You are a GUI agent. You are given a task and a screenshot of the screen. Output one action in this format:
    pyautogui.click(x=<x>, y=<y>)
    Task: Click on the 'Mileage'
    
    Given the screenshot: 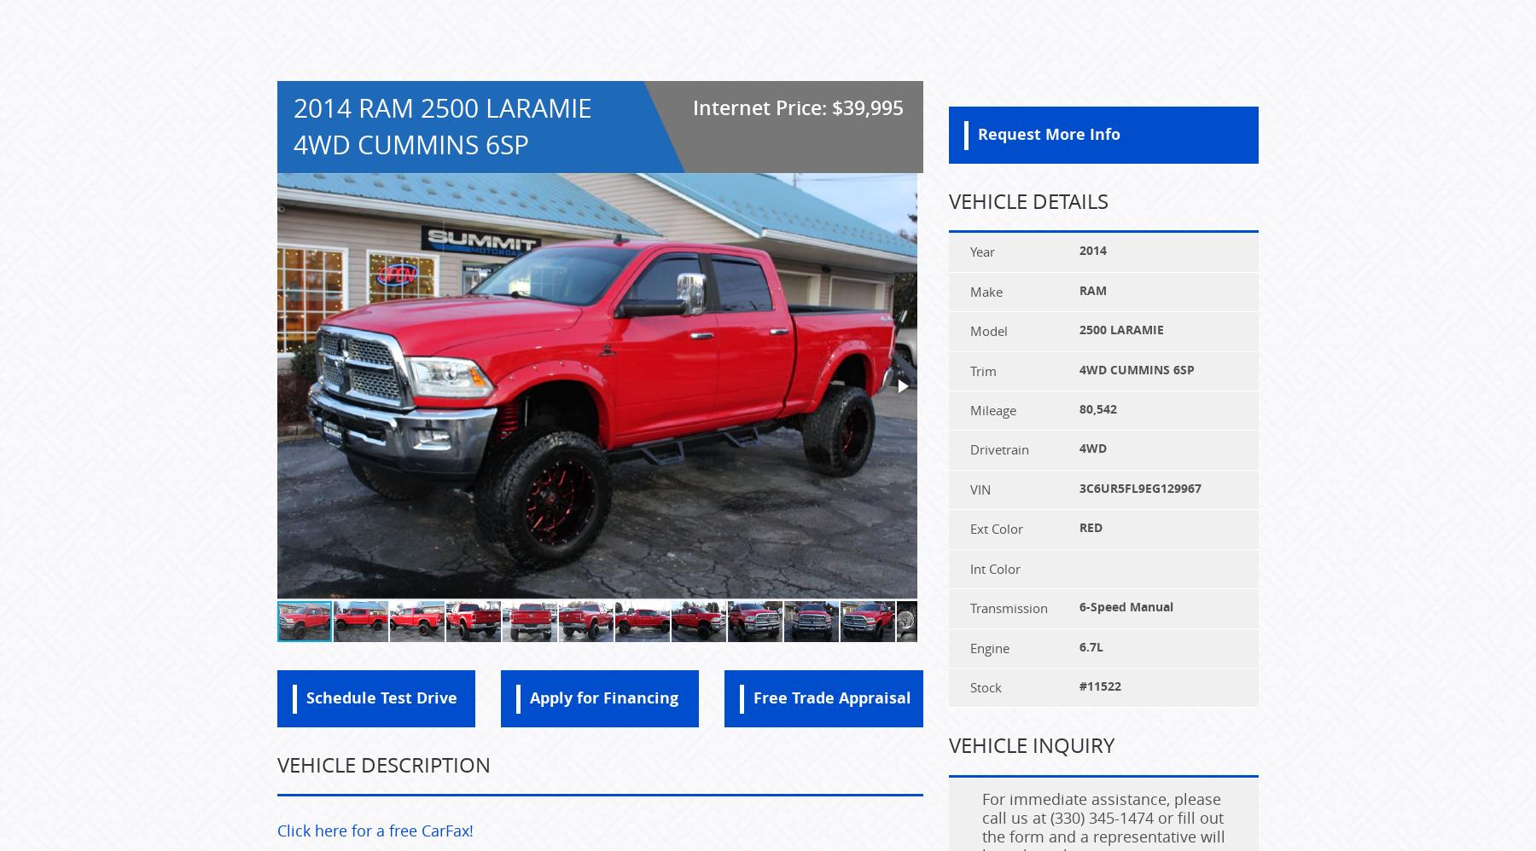 What is the action you would take?
    pyautogui.click(x=991, y=408)
    